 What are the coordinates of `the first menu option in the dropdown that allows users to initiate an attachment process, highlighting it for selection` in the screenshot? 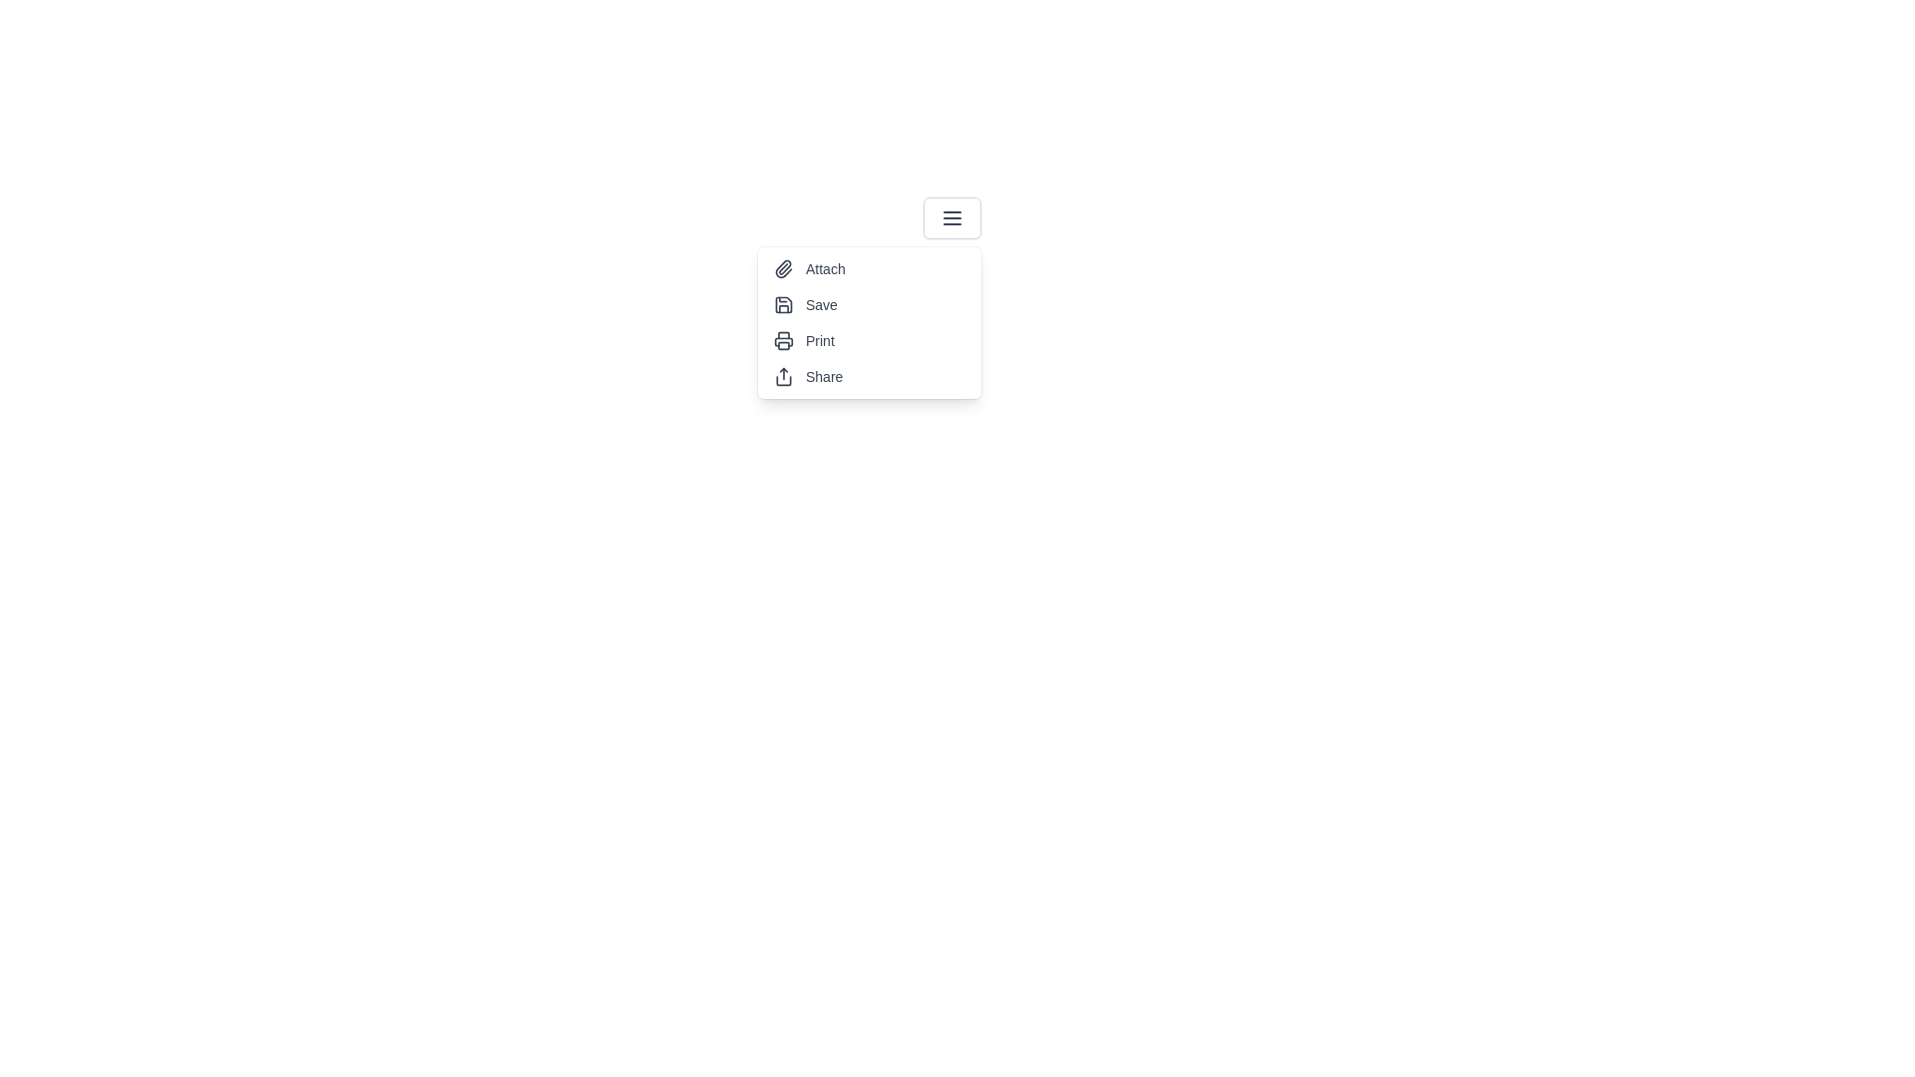 It's located at (870, 269).